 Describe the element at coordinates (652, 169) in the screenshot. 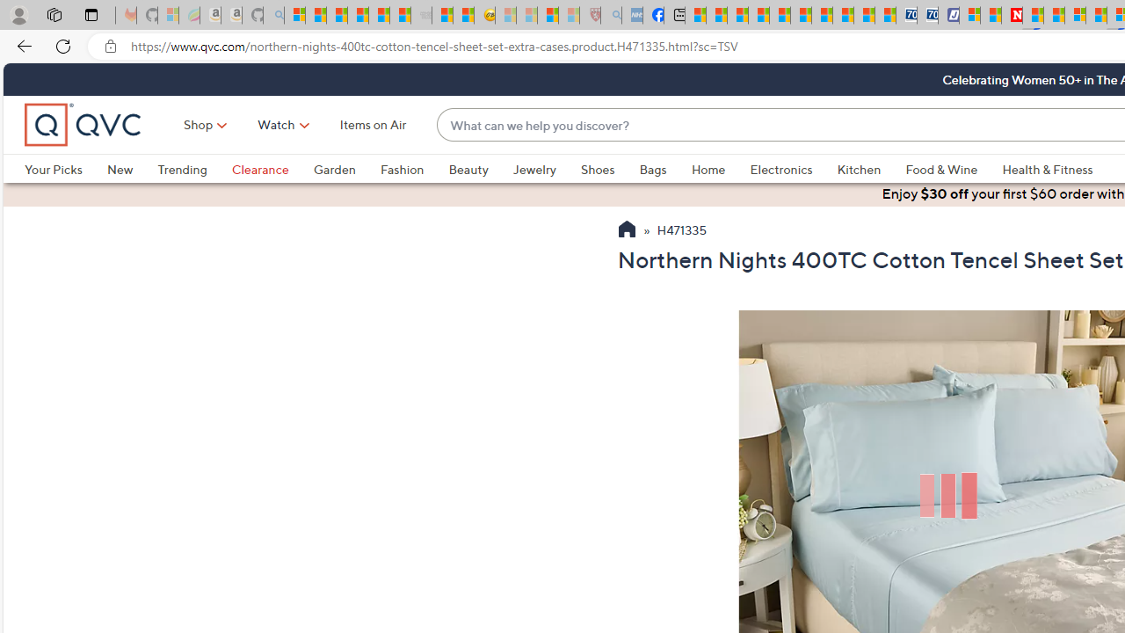

I see `'Bags'` at that location.